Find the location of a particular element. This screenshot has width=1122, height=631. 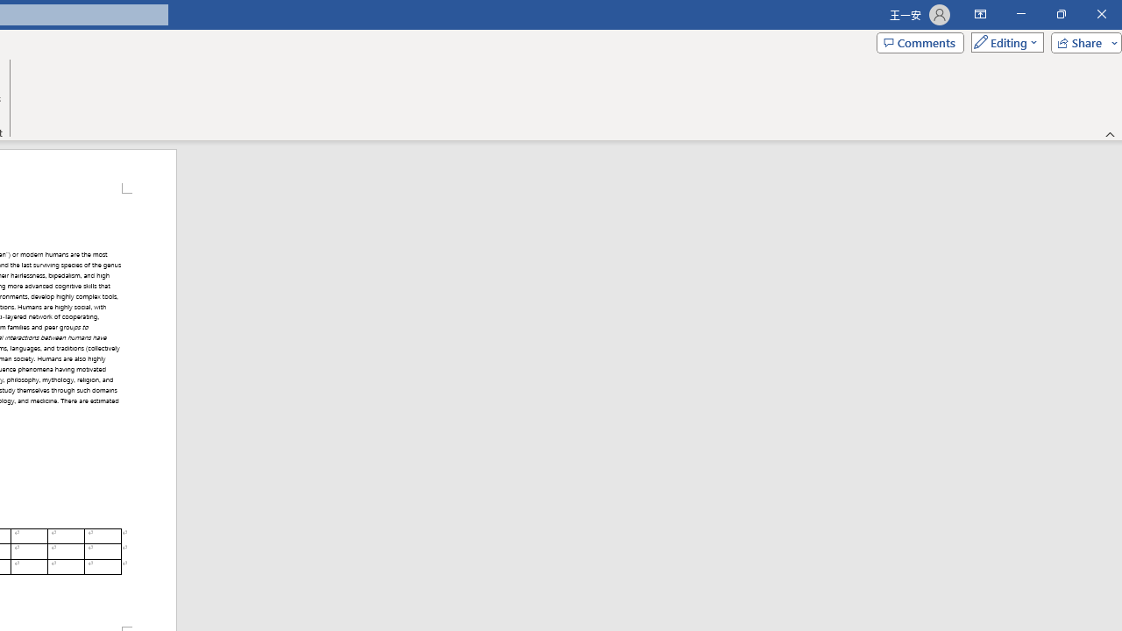

'Editing' is located at coordinates (1003, 41).